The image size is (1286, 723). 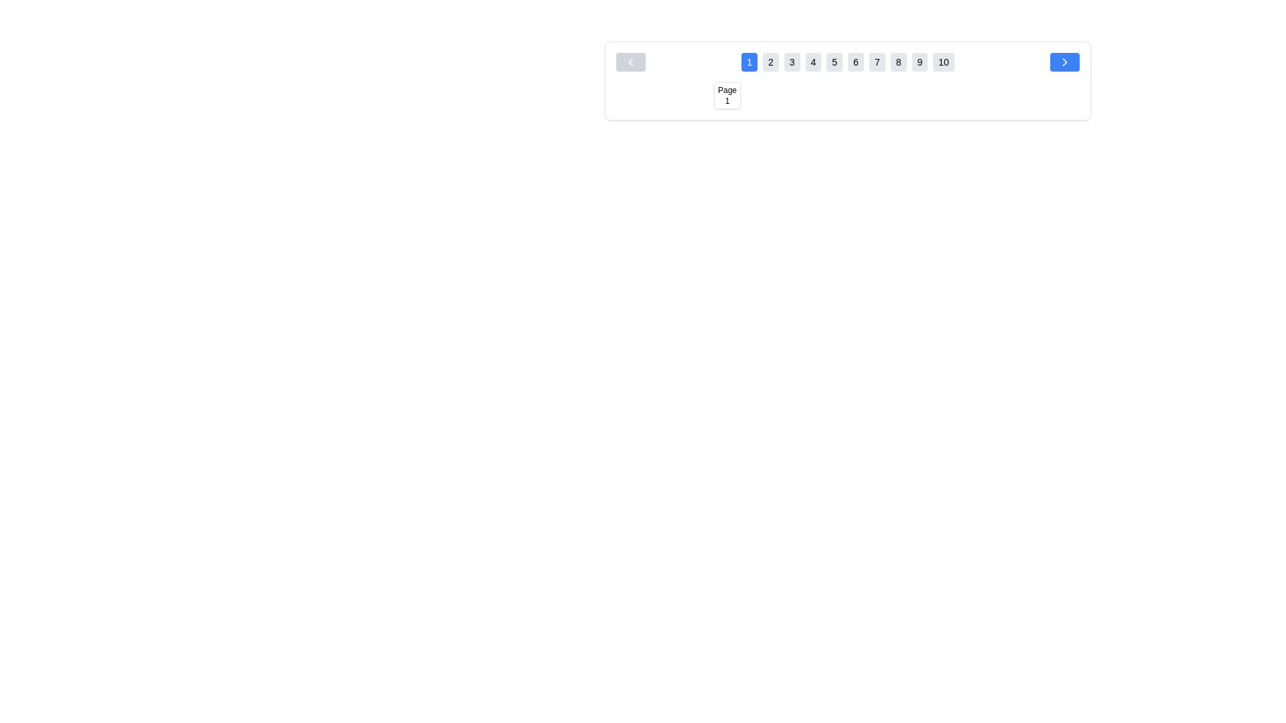 I want to click on the pagination button that navigates to page 8, so click(x=898, y=62).